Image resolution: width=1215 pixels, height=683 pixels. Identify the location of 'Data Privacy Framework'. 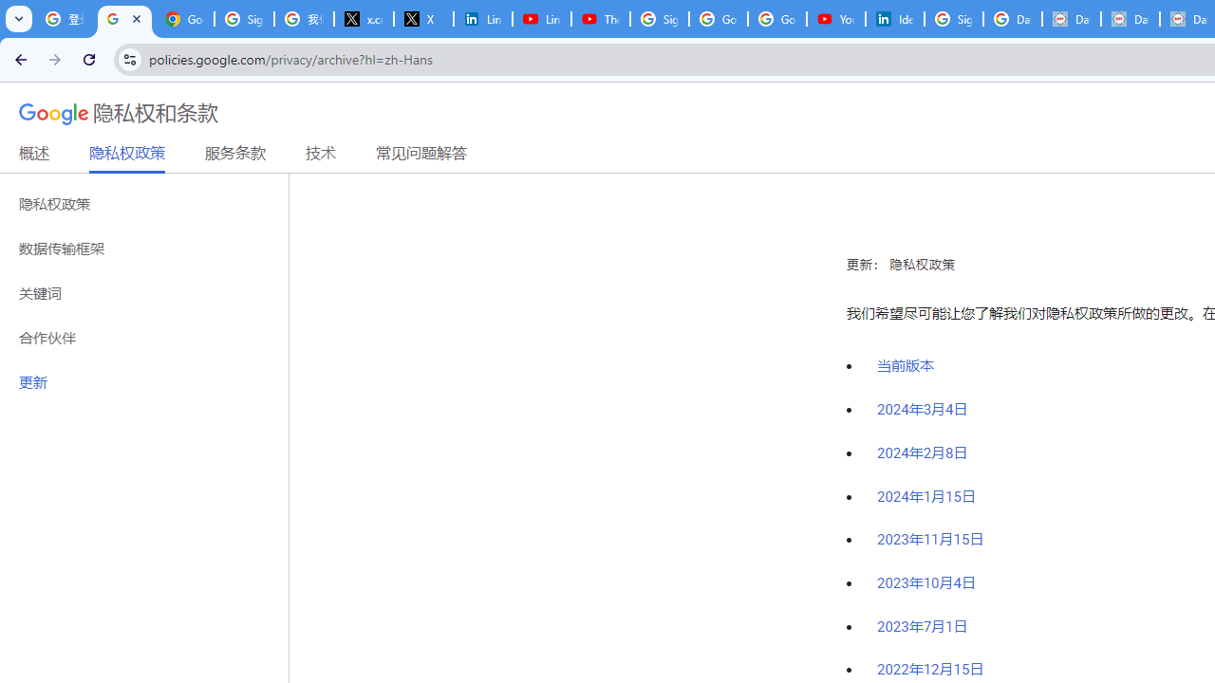
(1071, 19).